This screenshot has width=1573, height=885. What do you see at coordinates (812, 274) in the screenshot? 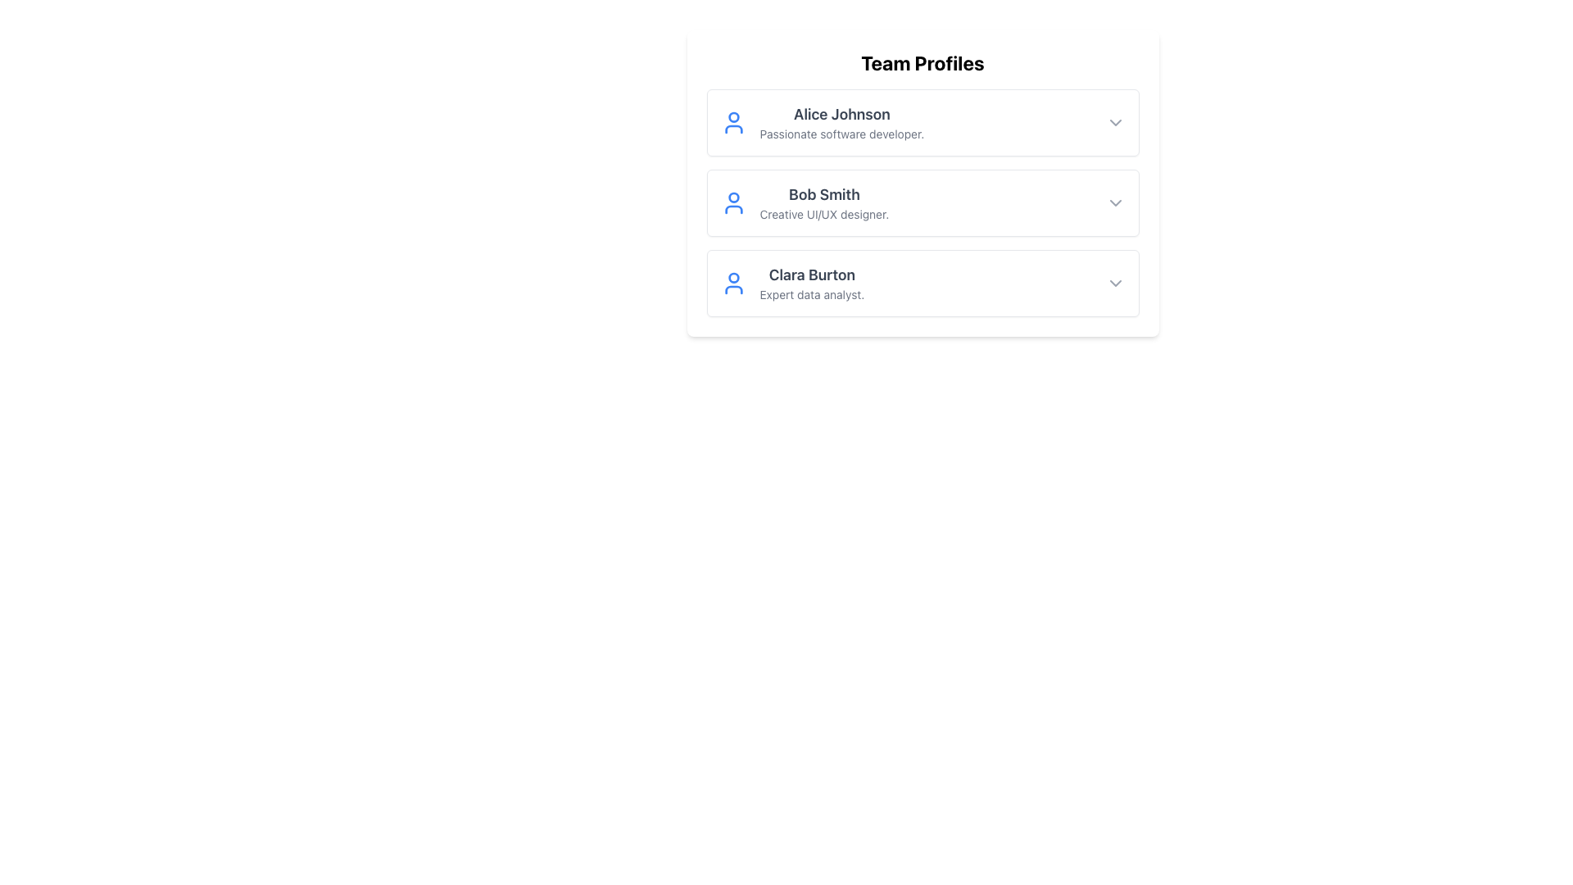
I see `text content of the user name displayed in the text label at the top of the third profile card, which identifies the individual associated with the profile` at bounding box center [812, 274].